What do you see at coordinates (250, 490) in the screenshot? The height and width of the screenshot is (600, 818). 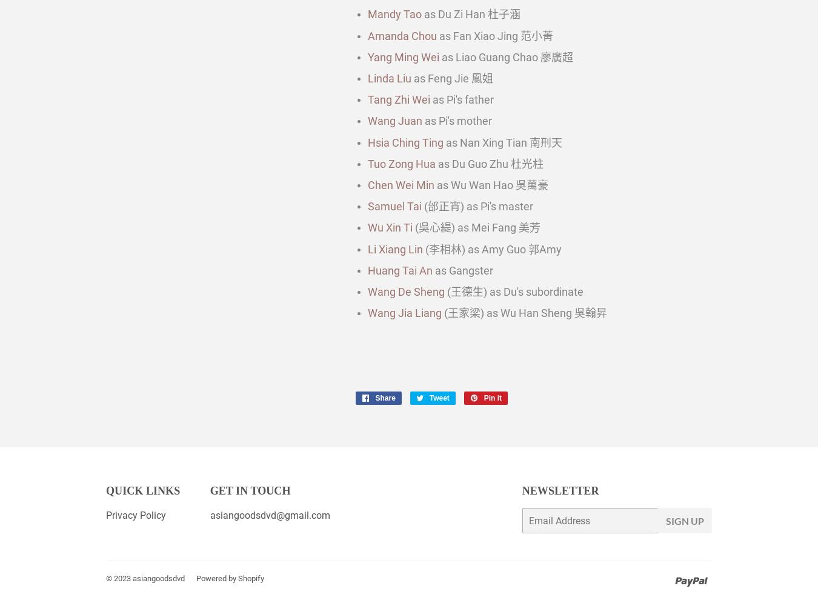 I see `'Get in touch'` at bounding box center [250, 490].